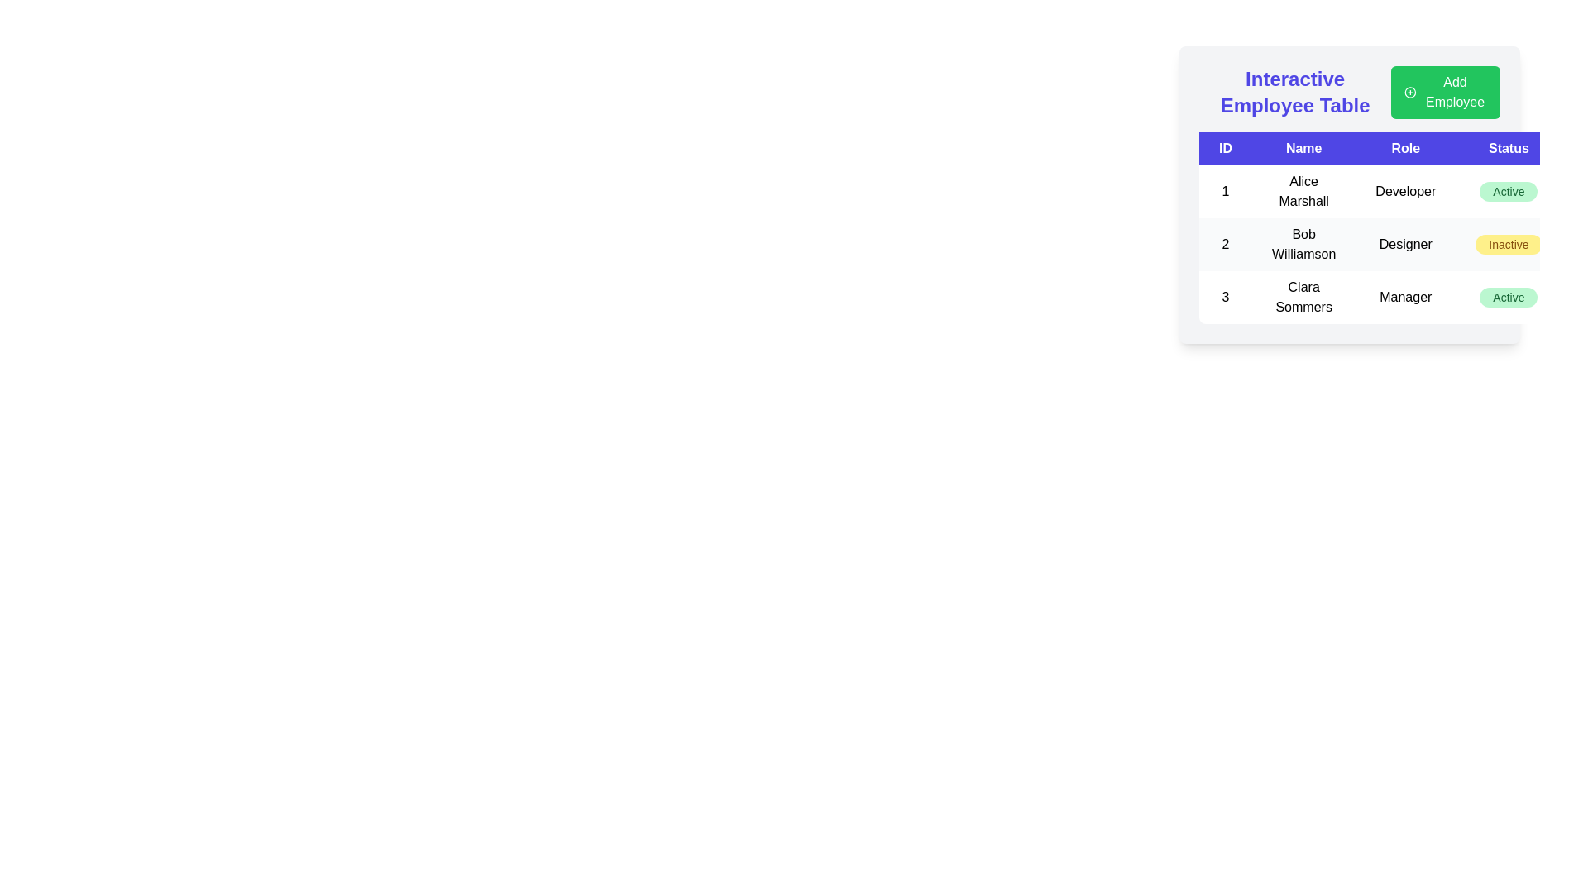 The height and width of the screenshot is (893, 1588). Describe the element at coordinates (1509, 190) in the screenshot. I see `the 'Active' label with a green background in the third row of the 'Status' column in the 'Interactive Employee Table'` at that location.